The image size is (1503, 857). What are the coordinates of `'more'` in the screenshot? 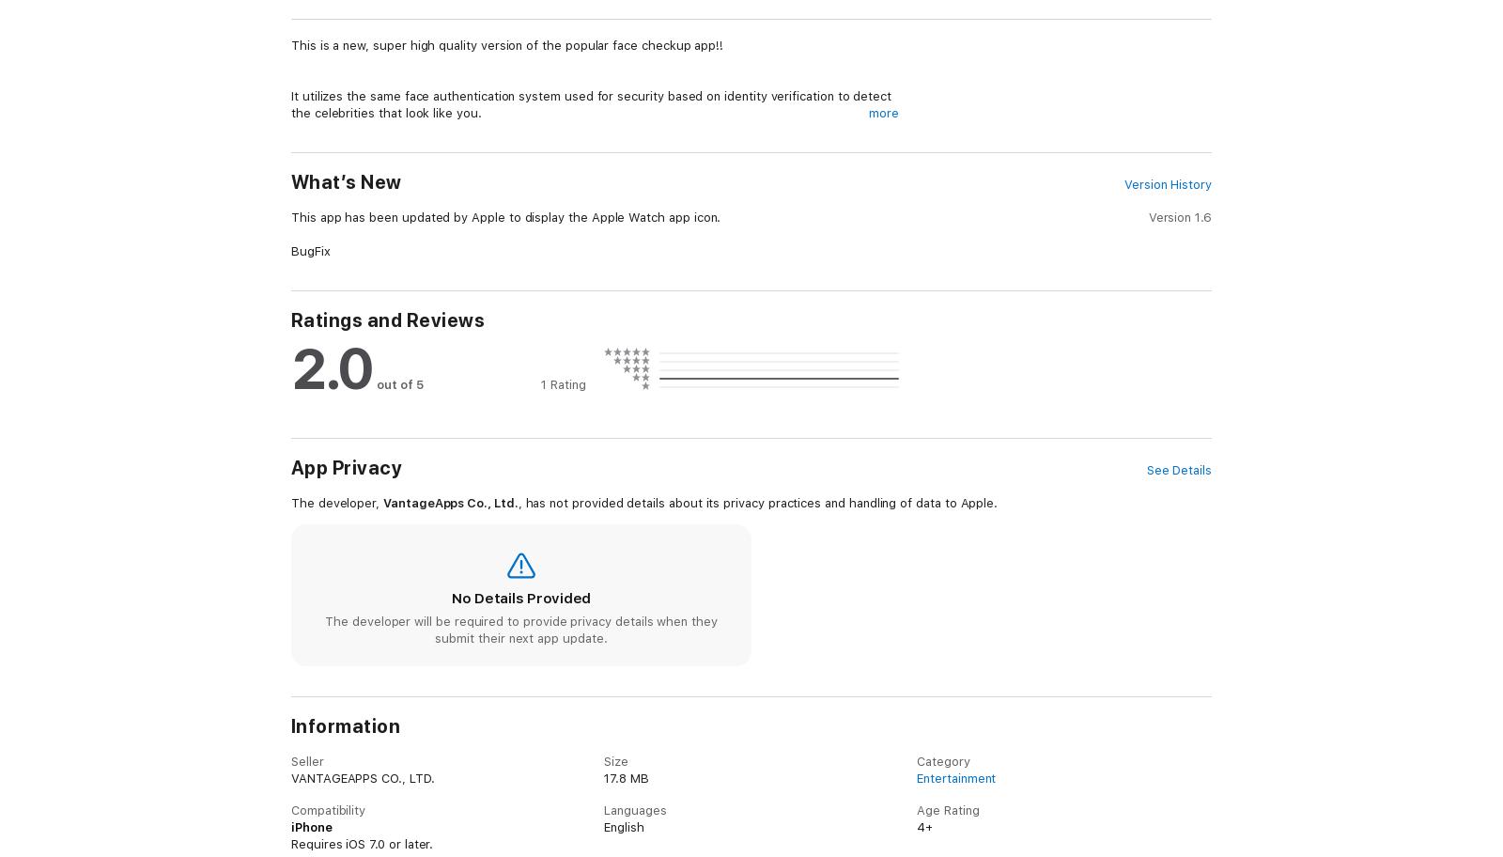 It's located at (882, 112).